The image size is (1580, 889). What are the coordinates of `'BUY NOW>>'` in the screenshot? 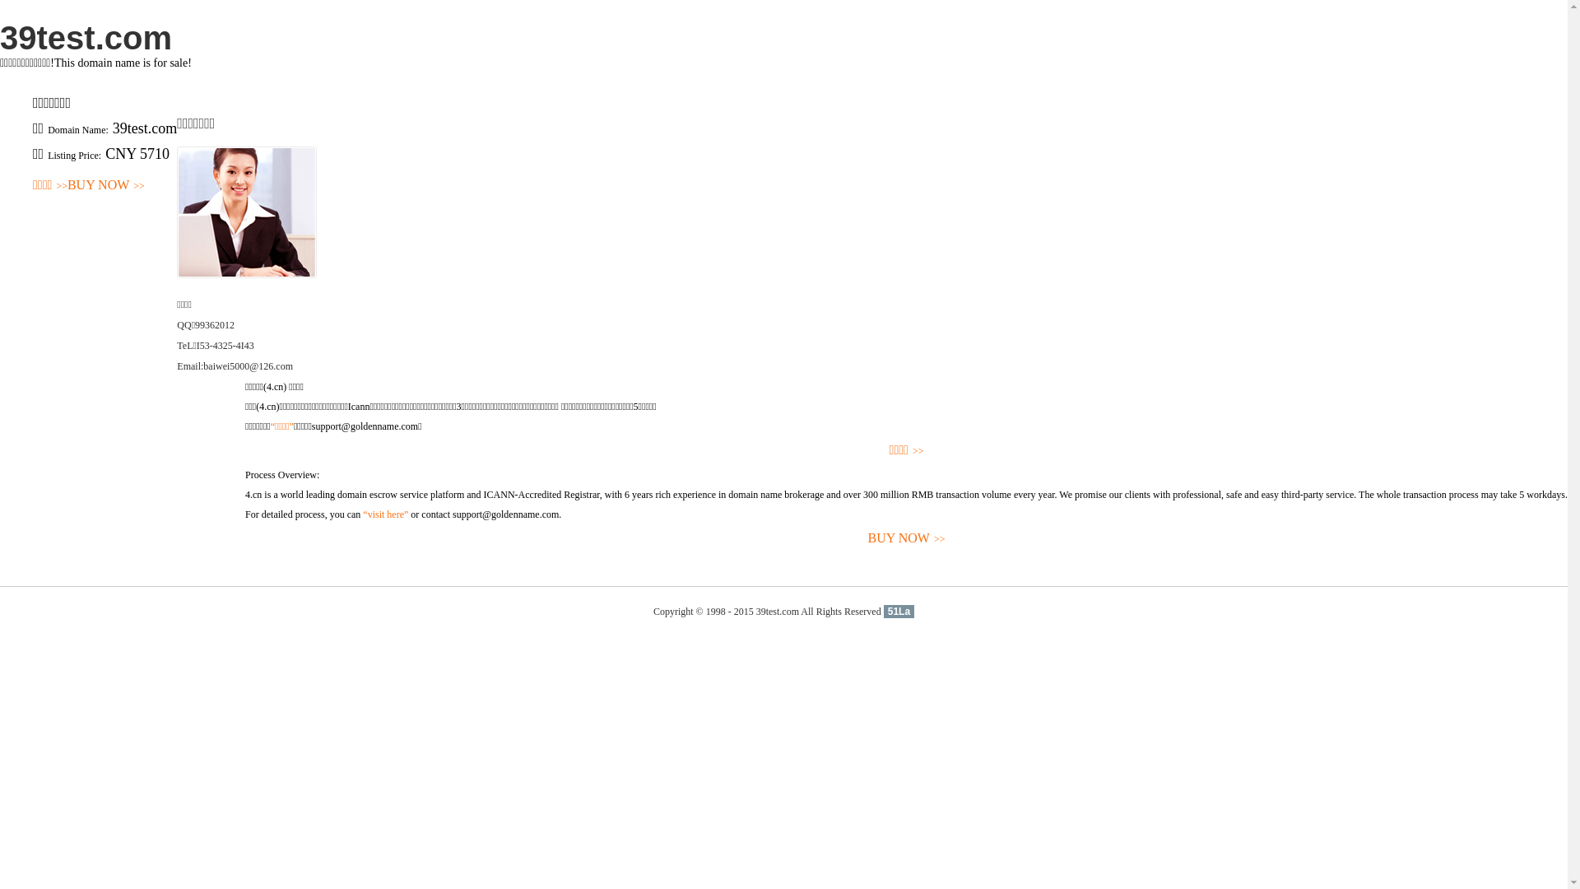 It's located at (105, 185).